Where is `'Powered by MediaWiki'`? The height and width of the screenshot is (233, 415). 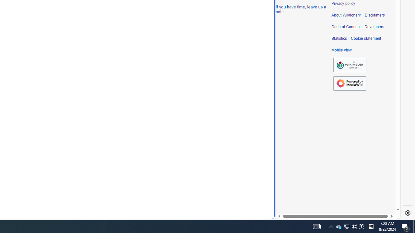 'Powered by MediaWiki' is located at coordinates (350, 83).